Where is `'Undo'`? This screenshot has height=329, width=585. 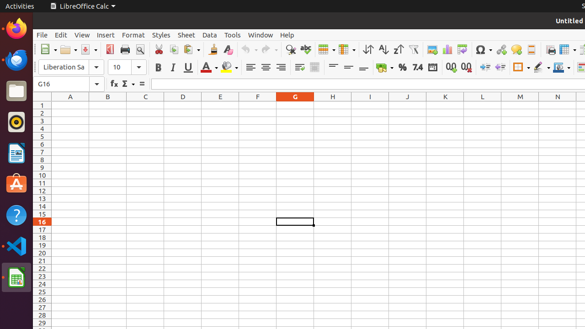 'Undo' is located at coordinates (249, 49).